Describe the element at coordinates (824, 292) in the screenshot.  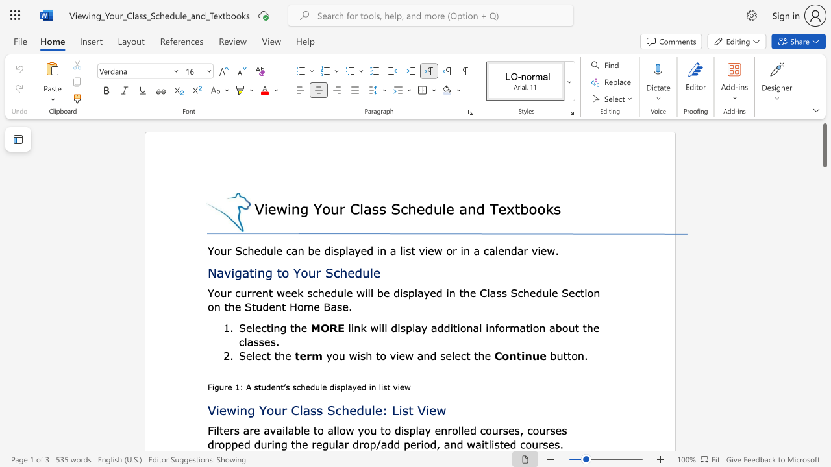
I see `the scrollbar to move the page downward` at that location.